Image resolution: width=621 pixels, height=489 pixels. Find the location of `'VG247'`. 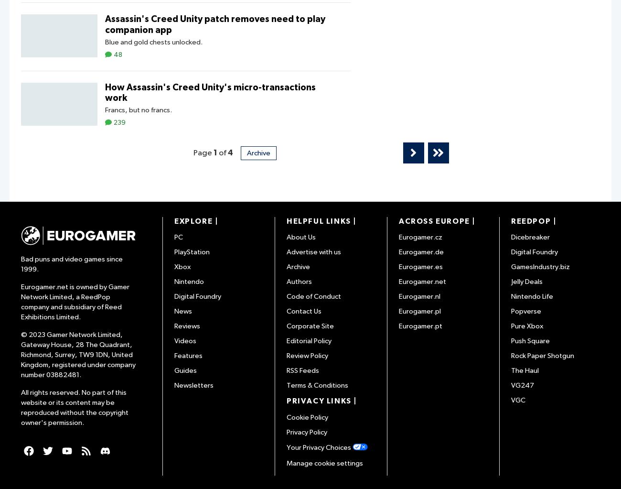

'VG247' is located at coordinates (522, 385).